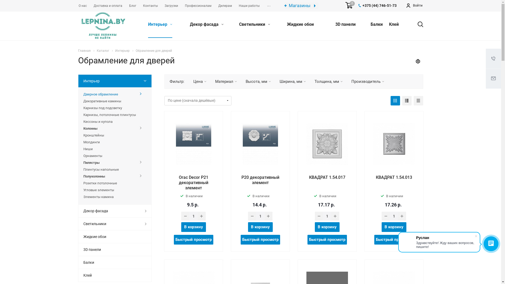 The height and width of the screenshot is (284, 505). Describe the element at coordinates (349, 5) in the screenshot. I see `'0'` at that location.